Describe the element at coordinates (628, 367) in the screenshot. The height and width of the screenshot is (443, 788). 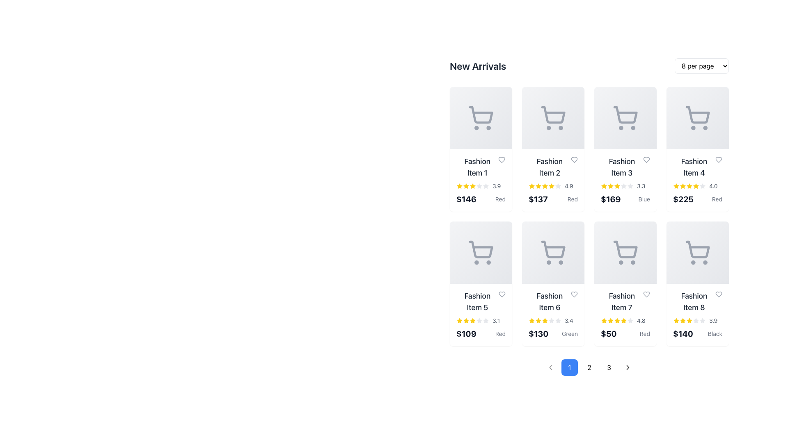
I see `the chevron icon located at the bottom right of the interface` at that location.